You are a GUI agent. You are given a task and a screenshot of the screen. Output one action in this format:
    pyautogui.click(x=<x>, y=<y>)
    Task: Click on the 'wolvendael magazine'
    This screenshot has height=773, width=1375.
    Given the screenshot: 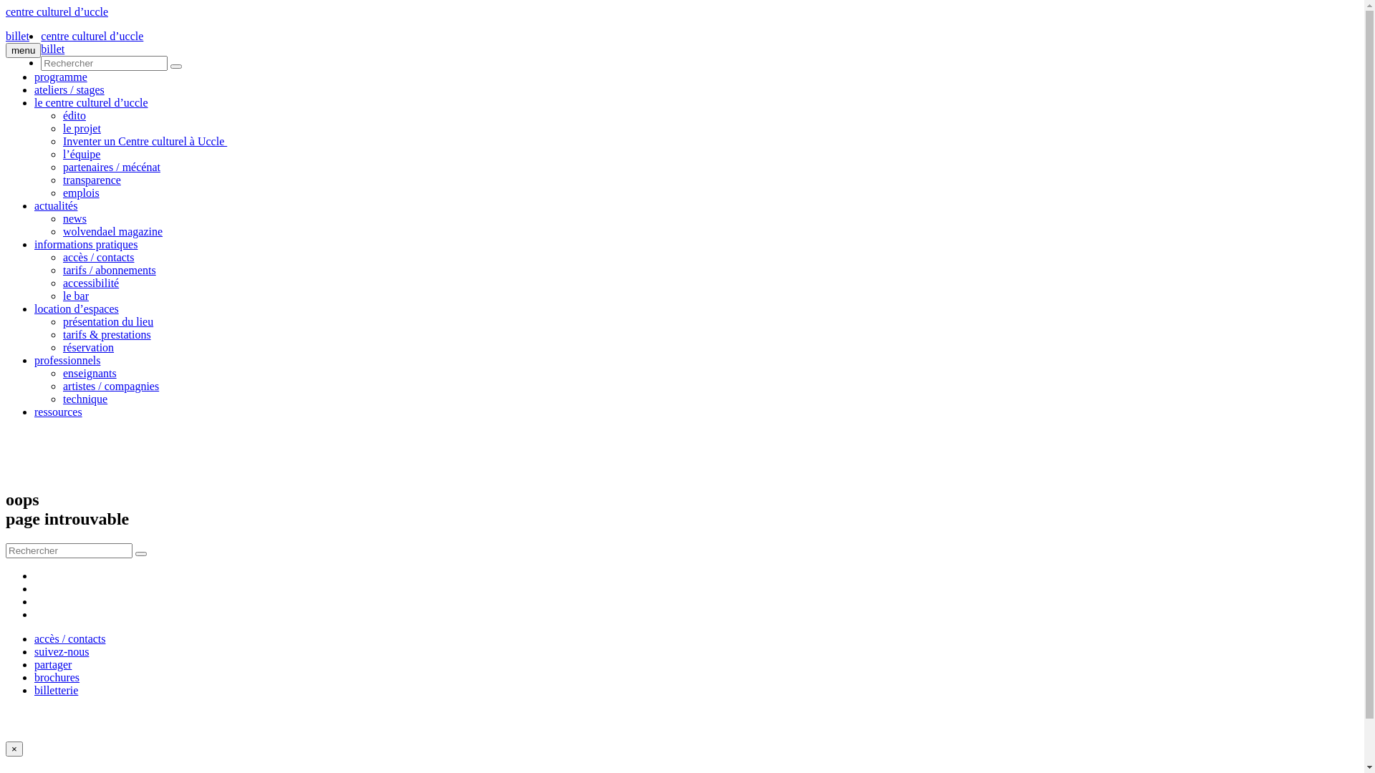 What is the action you would take?
    pyautogui.click(x=112, y=230)
    